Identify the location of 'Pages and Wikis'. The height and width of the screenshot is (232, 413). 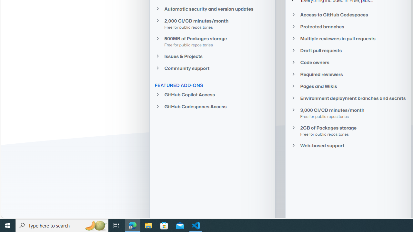
(348, 86).